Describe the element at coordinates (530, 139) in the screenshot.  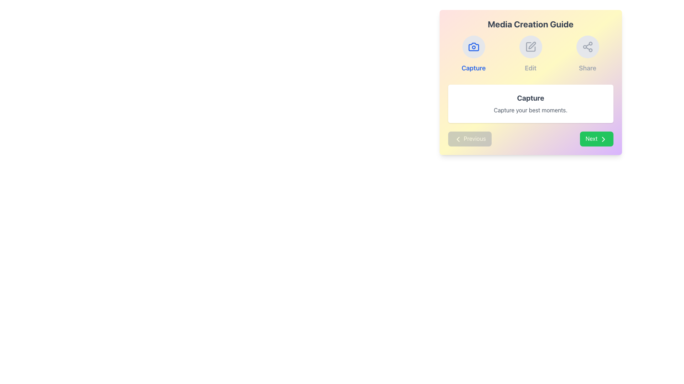
I see `the 'Next' button on the Navigation Bar` at that location.